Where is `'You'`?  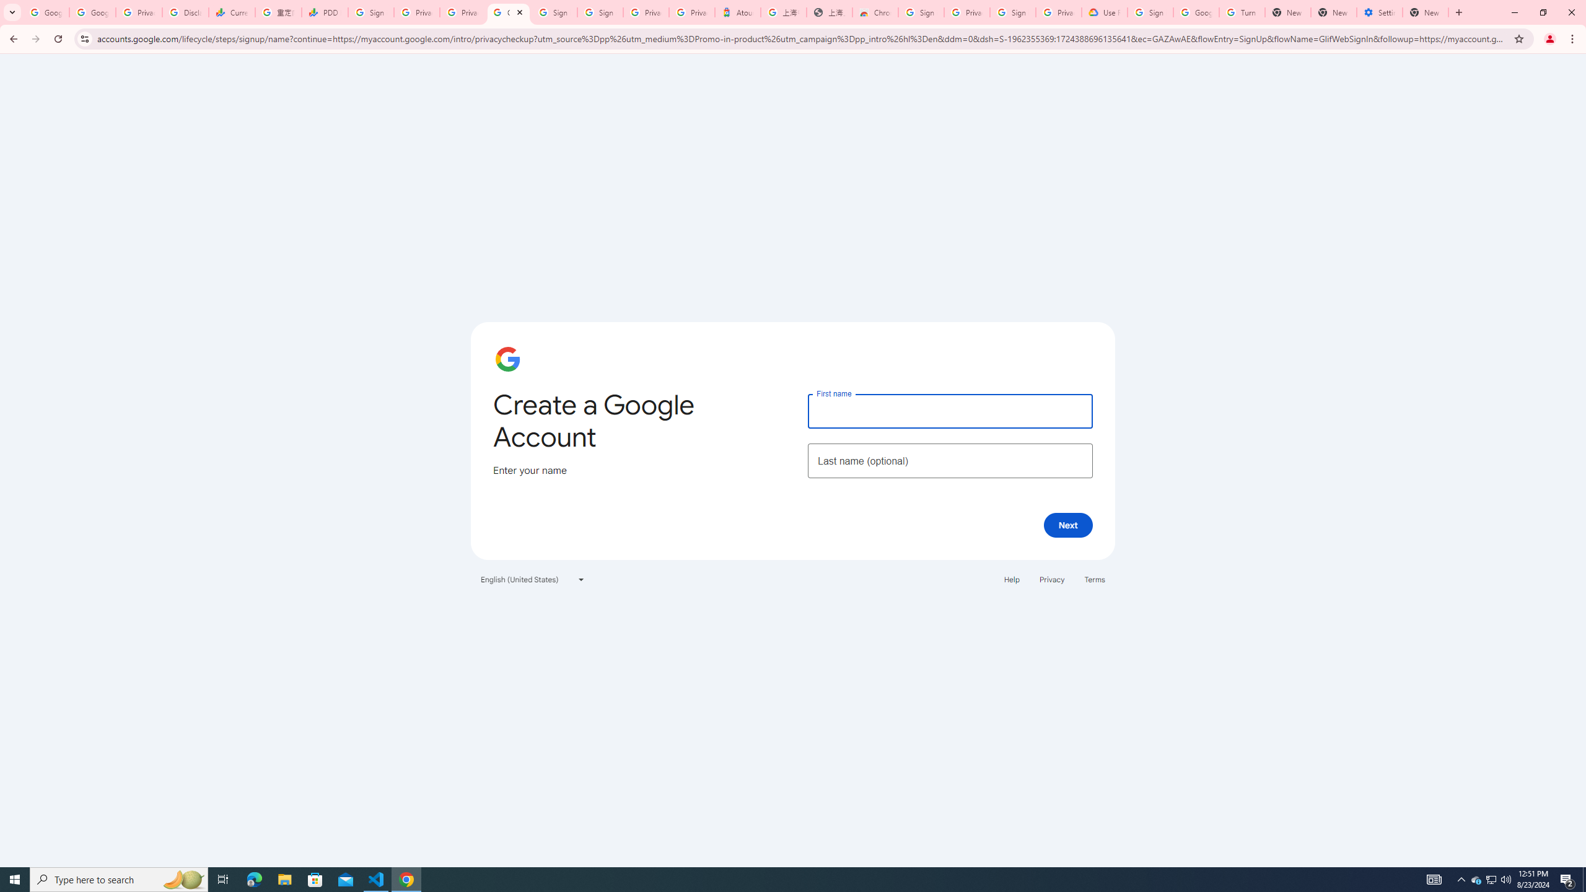
'You' is located at coordinates (1550, 38).